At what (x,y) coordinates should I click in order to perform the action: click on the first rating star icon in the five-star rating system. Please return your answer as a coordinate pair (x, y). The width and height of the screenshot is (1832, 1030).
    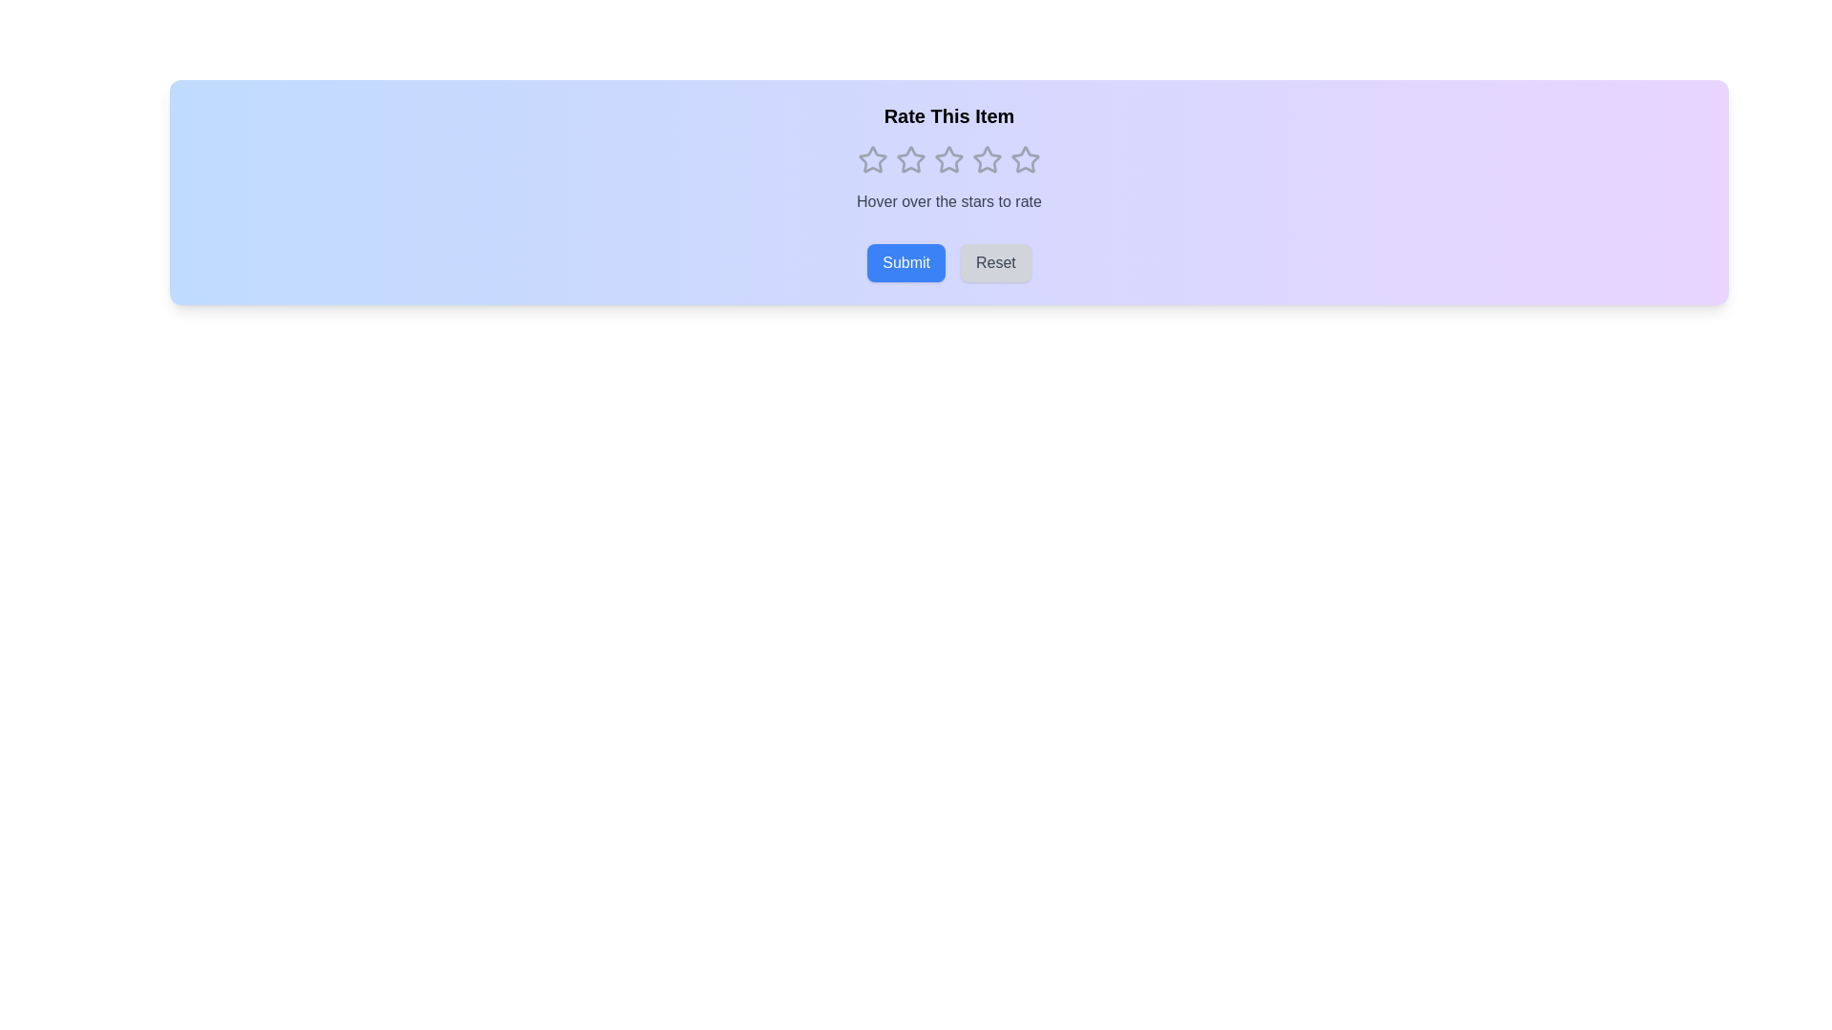
    Looking at the image, I should click on (910, 158).